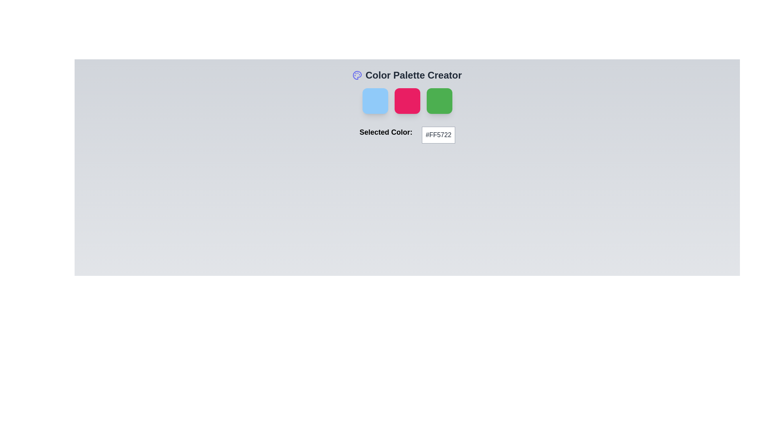 The height and width of the screenshot is (433, 770). What do you see at coordinates (413, 75) in the screenshot?
I see `the static text element that serves as the heading for creating and managing color palettes, located prominently near the top center of the interface` at bounding box center [413, 75].